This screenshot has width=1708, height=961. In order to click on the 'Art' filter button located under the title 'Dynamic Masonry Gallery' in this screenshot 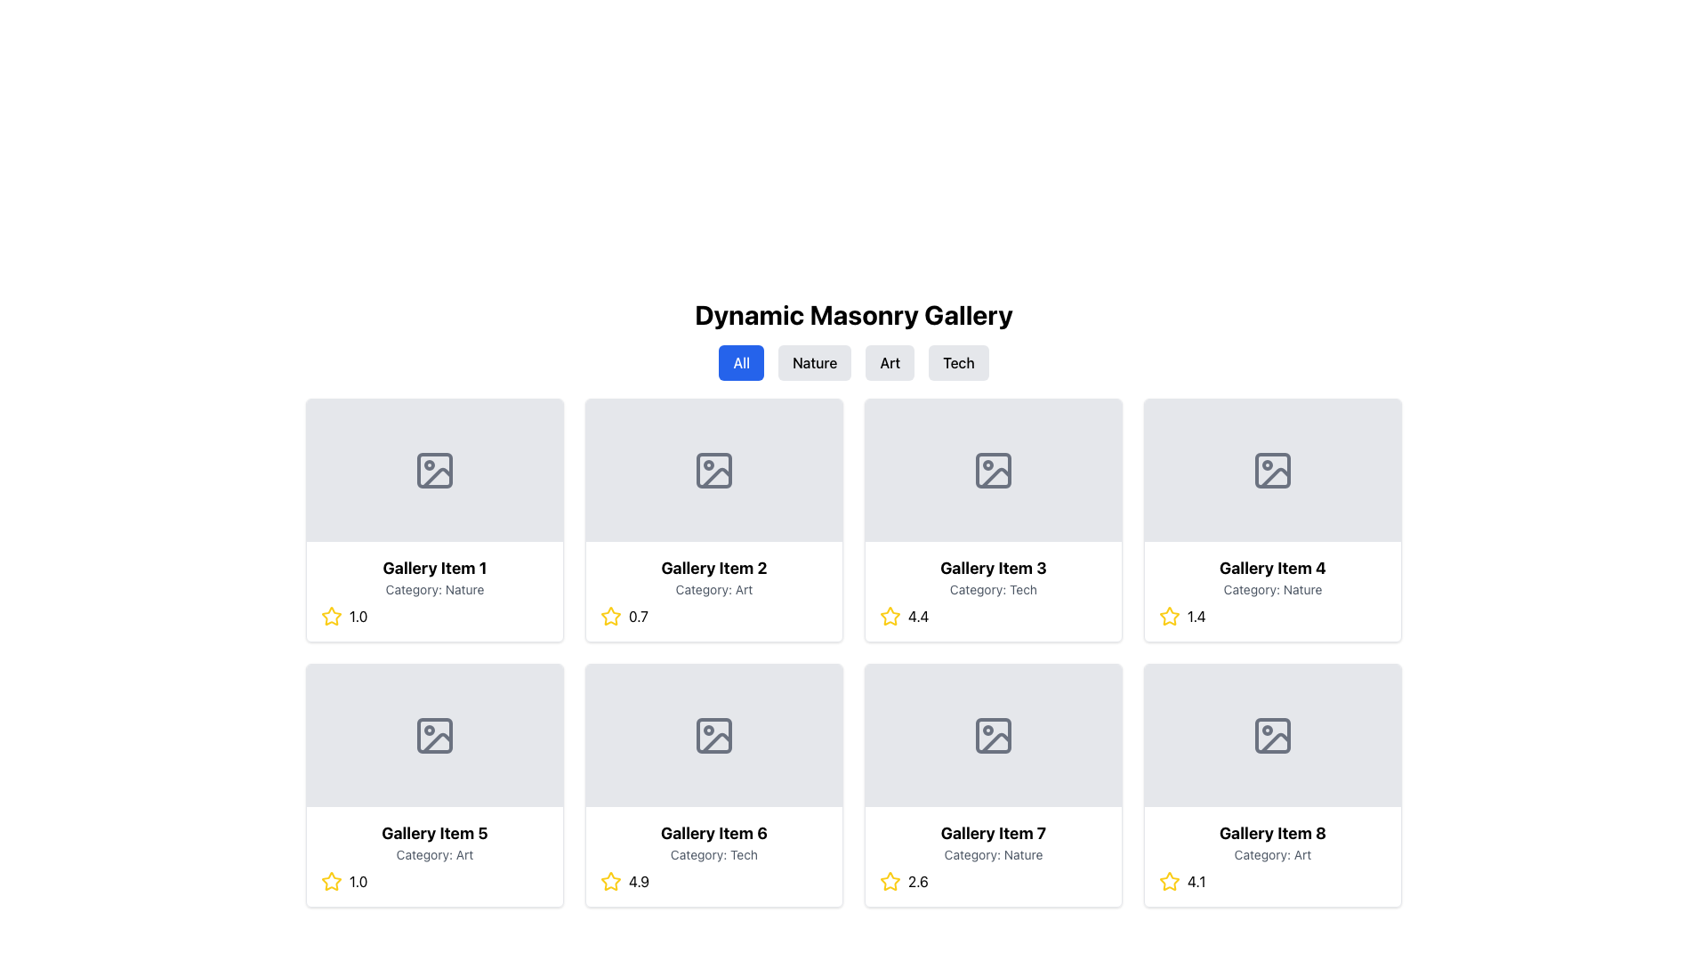, I will do `click(890, 362)`.